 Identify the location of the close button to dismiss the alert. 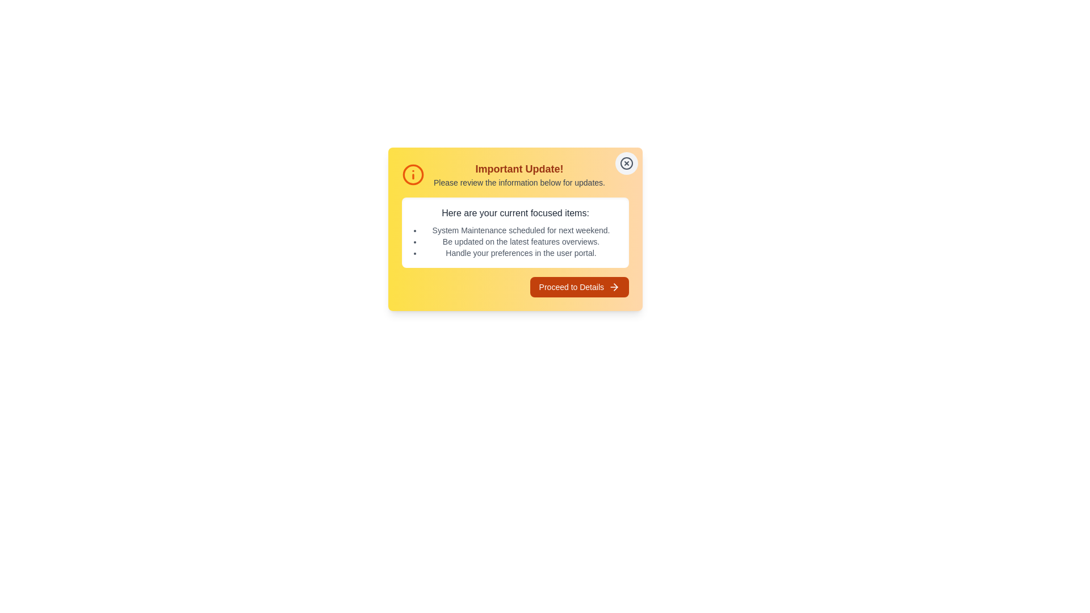
(626, 163).